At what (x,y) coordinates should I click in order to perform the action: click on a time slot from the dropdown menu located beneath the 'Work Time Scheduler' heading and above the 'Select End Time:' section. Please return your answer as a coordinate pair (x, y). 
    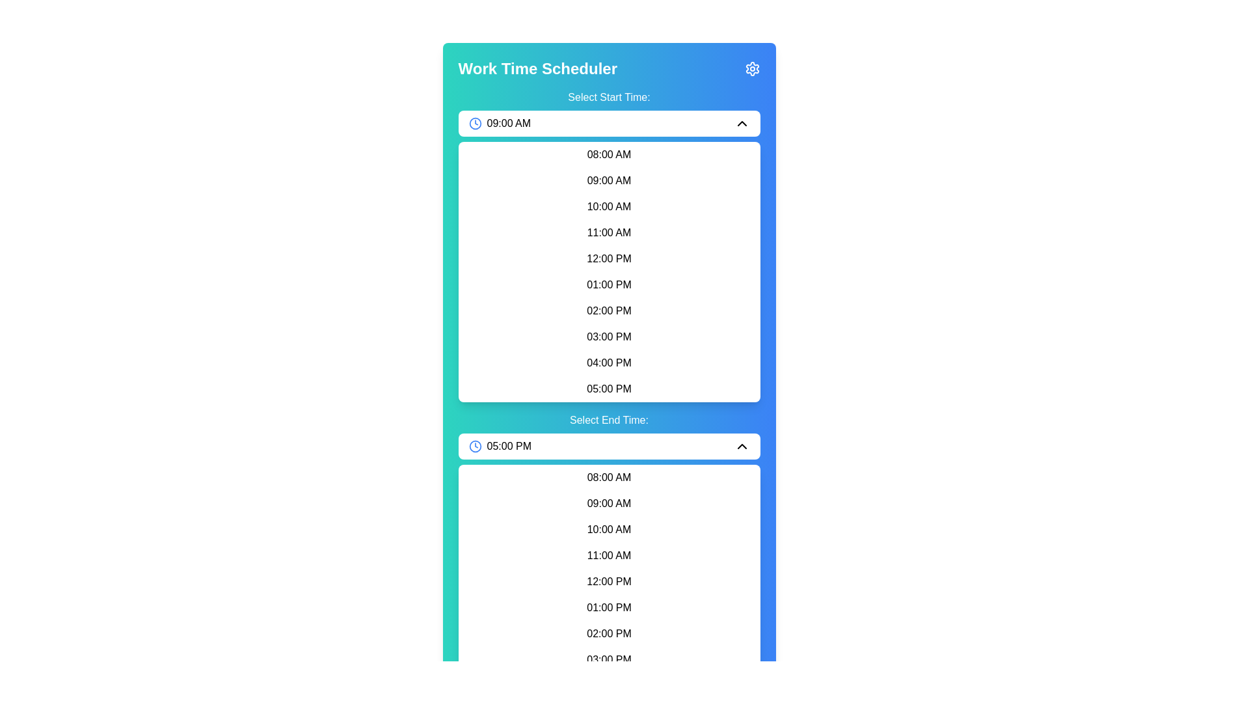
    Looking at the image, I should click on (608, 246).